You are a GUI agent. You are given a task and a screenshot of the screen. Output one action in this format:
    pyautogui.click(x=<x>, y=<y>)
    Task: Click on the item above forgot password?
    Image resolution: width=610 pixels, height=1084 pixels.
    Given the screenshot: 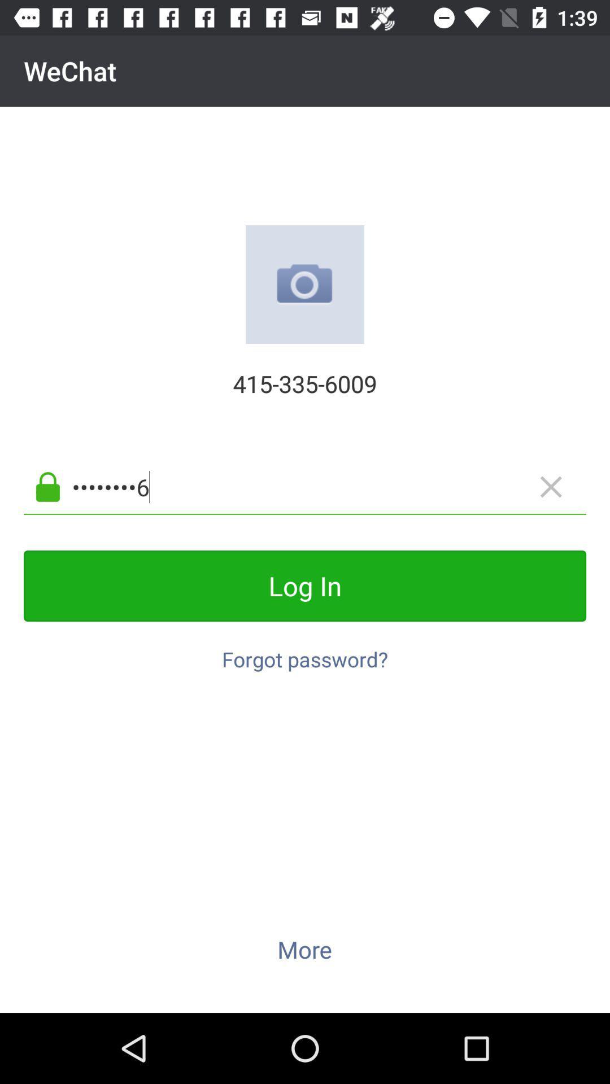 What is the action you would take?
    pyautogui.click(x=305, y=585)
    